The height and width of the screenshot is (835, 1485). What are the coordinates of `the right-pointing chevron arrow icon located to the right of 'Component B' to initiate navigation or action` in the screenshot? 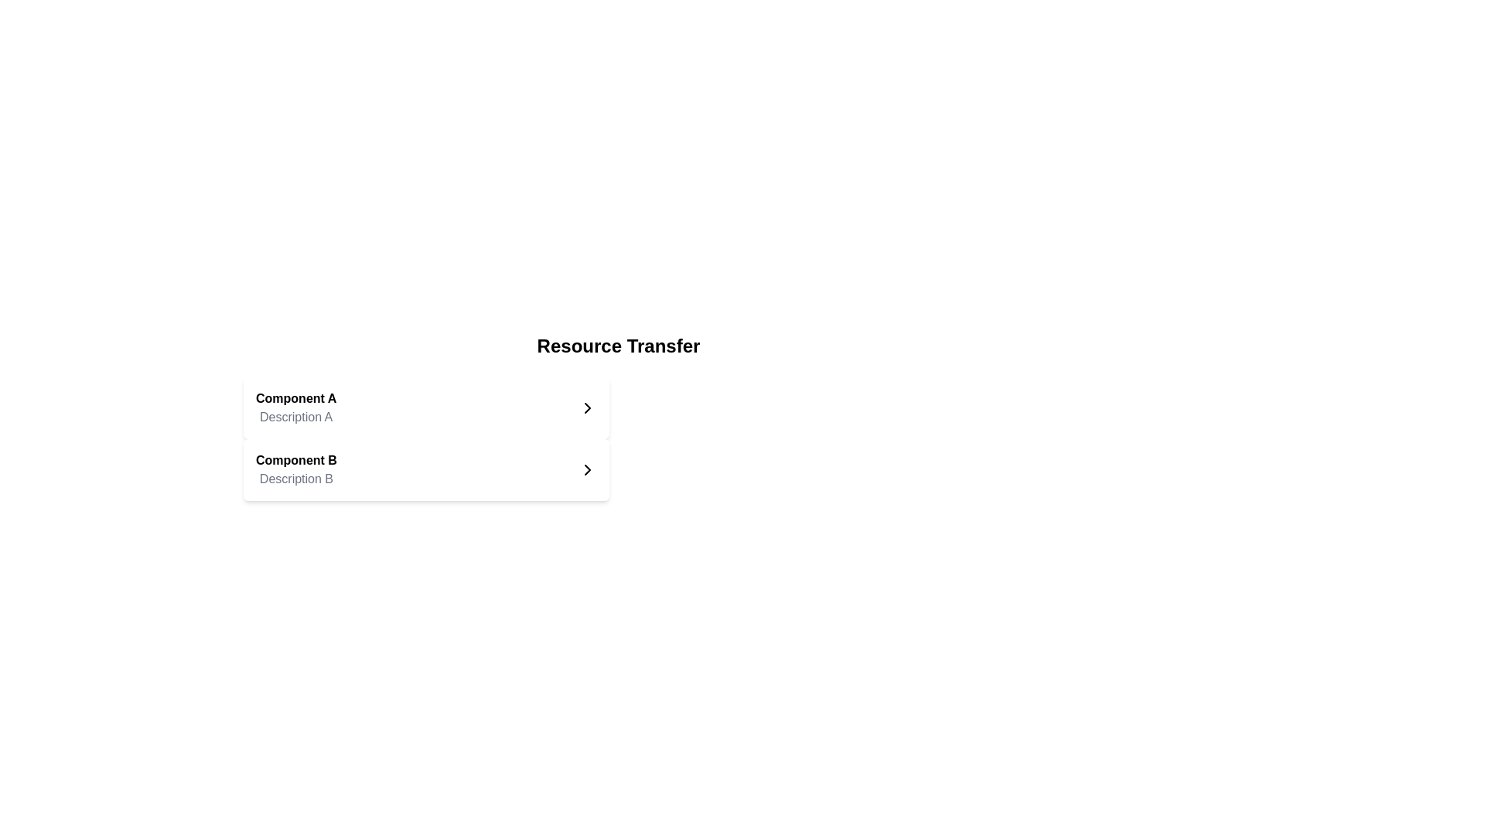 It's located at (586, 469).